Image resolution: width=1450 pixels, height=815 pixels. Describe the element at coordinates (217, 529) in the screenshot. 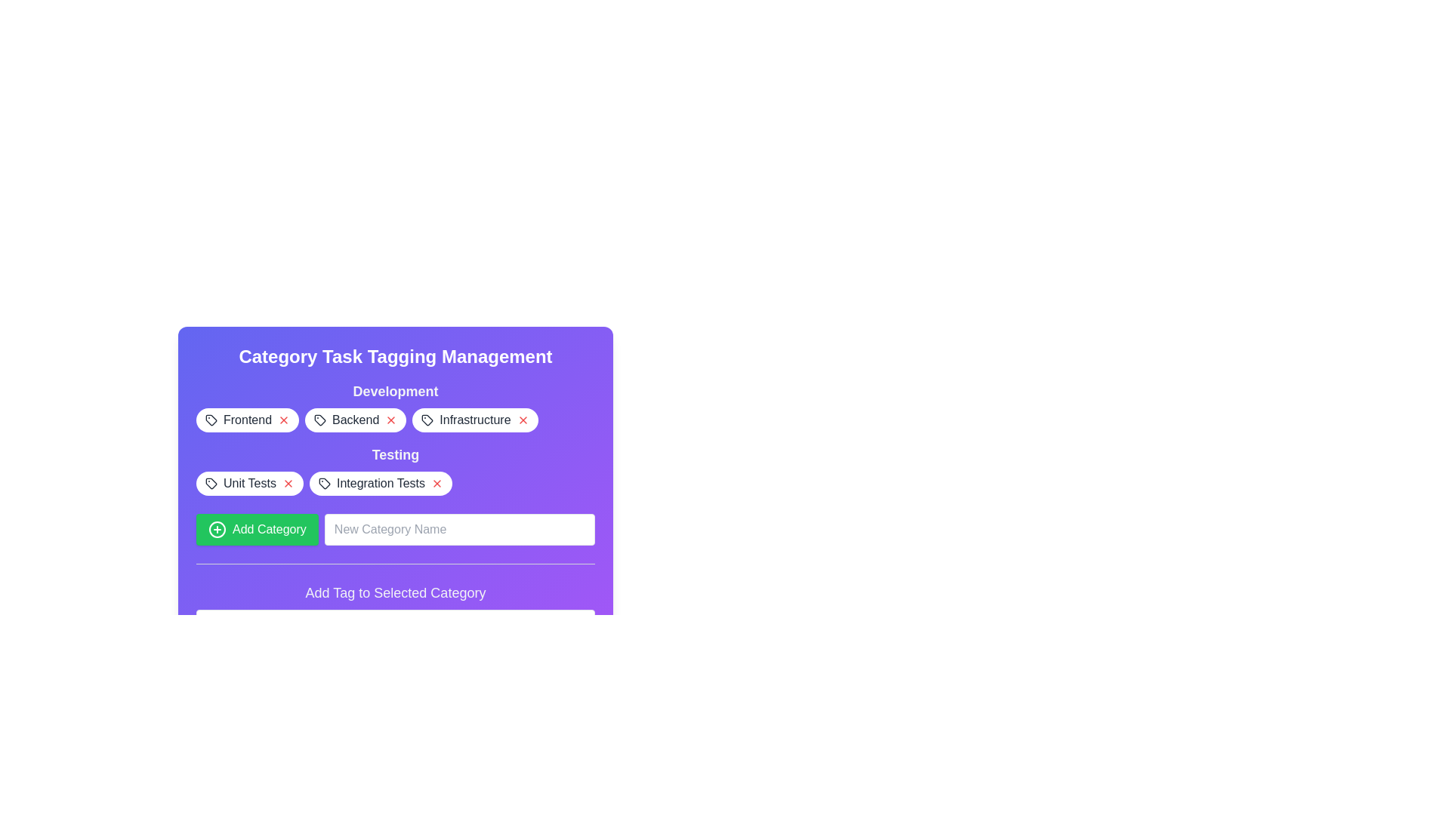

I see `the SVG circle element located in the center-left of the green 'Add Category' button` at that location.